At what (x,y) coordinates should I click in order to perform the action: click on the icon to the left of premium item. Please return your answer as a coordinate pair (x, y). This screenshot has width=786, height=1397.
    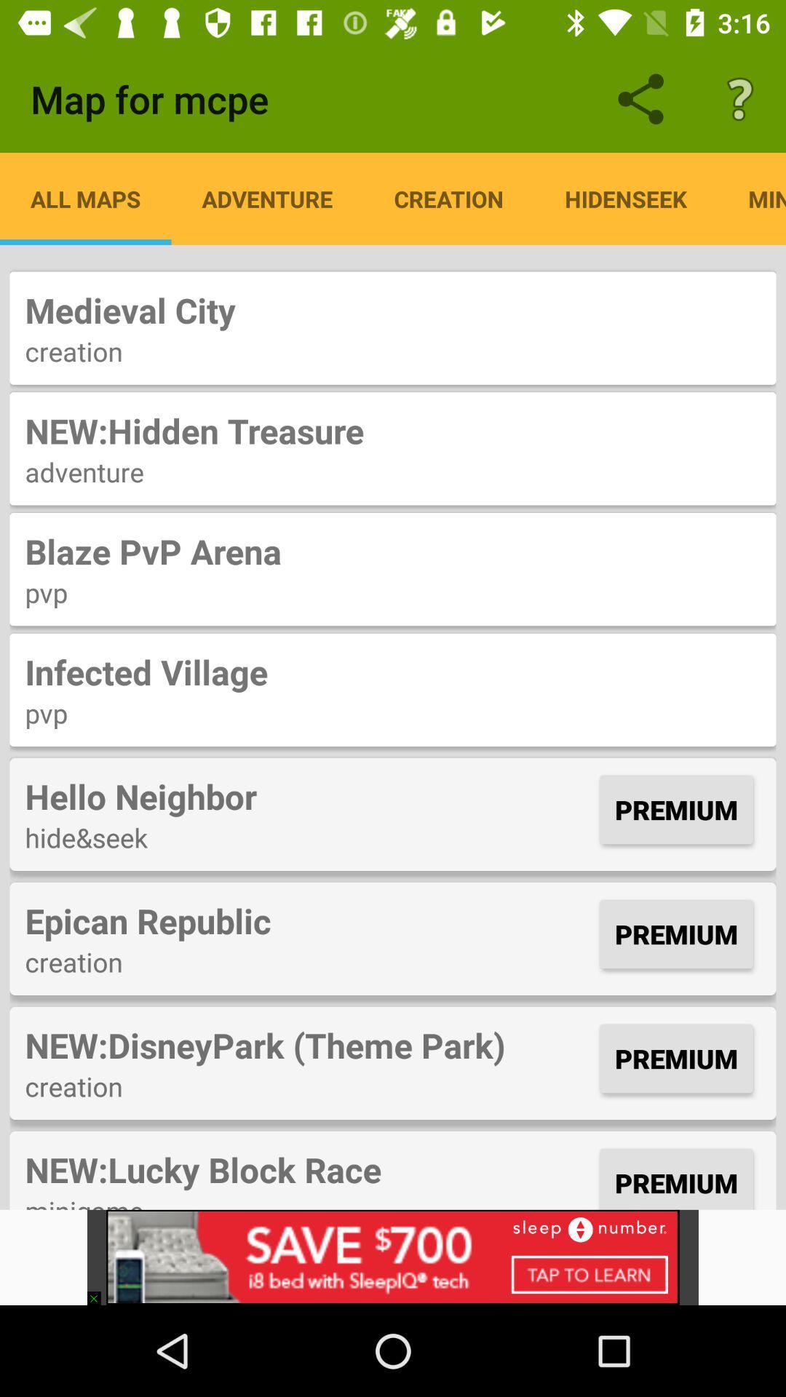
    Looking at the image, I should click on (308, 795).